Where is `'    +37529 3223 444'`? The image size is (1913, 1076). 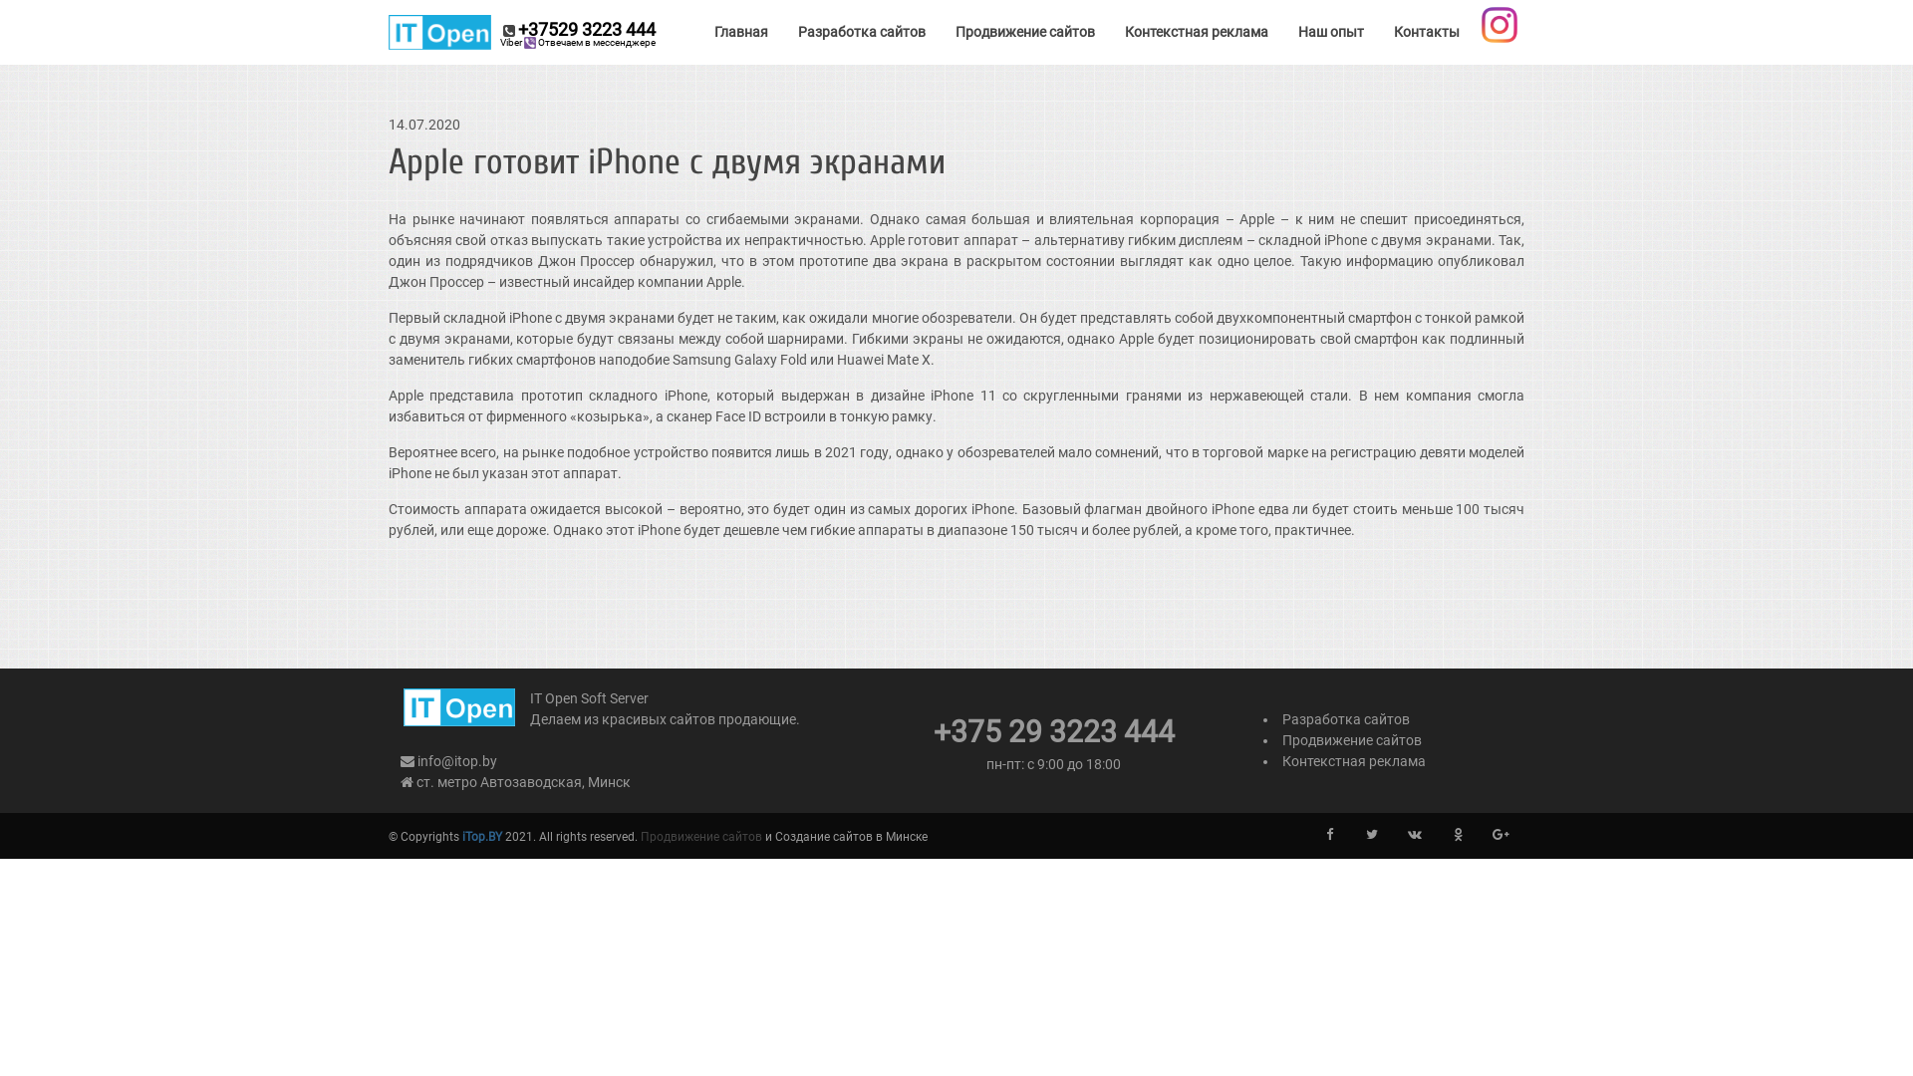
'    +37529 3223 444' is located at coordinates (521, 32).